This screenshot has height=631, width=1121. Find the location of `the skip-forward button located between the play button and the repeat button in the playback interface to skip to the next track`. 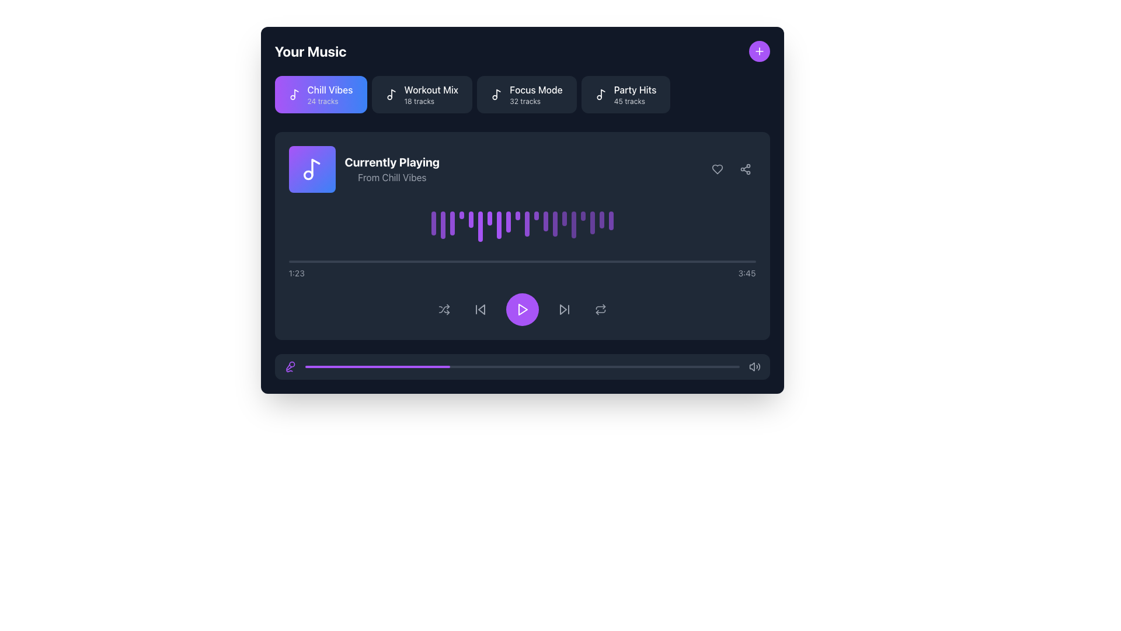

the skip-forward button located between the play button and the repeat button in the playback interface to skip to the next track is located at coordinates (564, 309).